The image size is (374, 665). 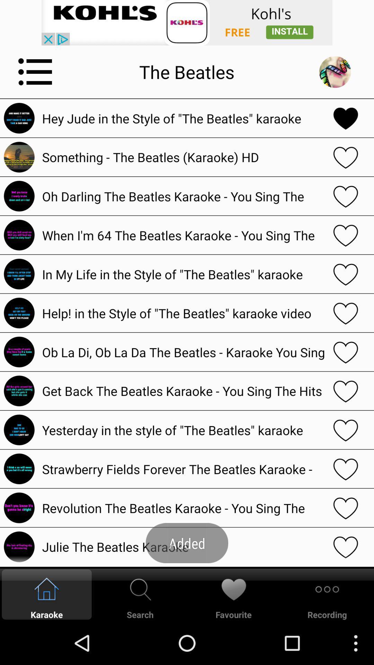 I want to click on to favorites, so click(x=346, y=312).